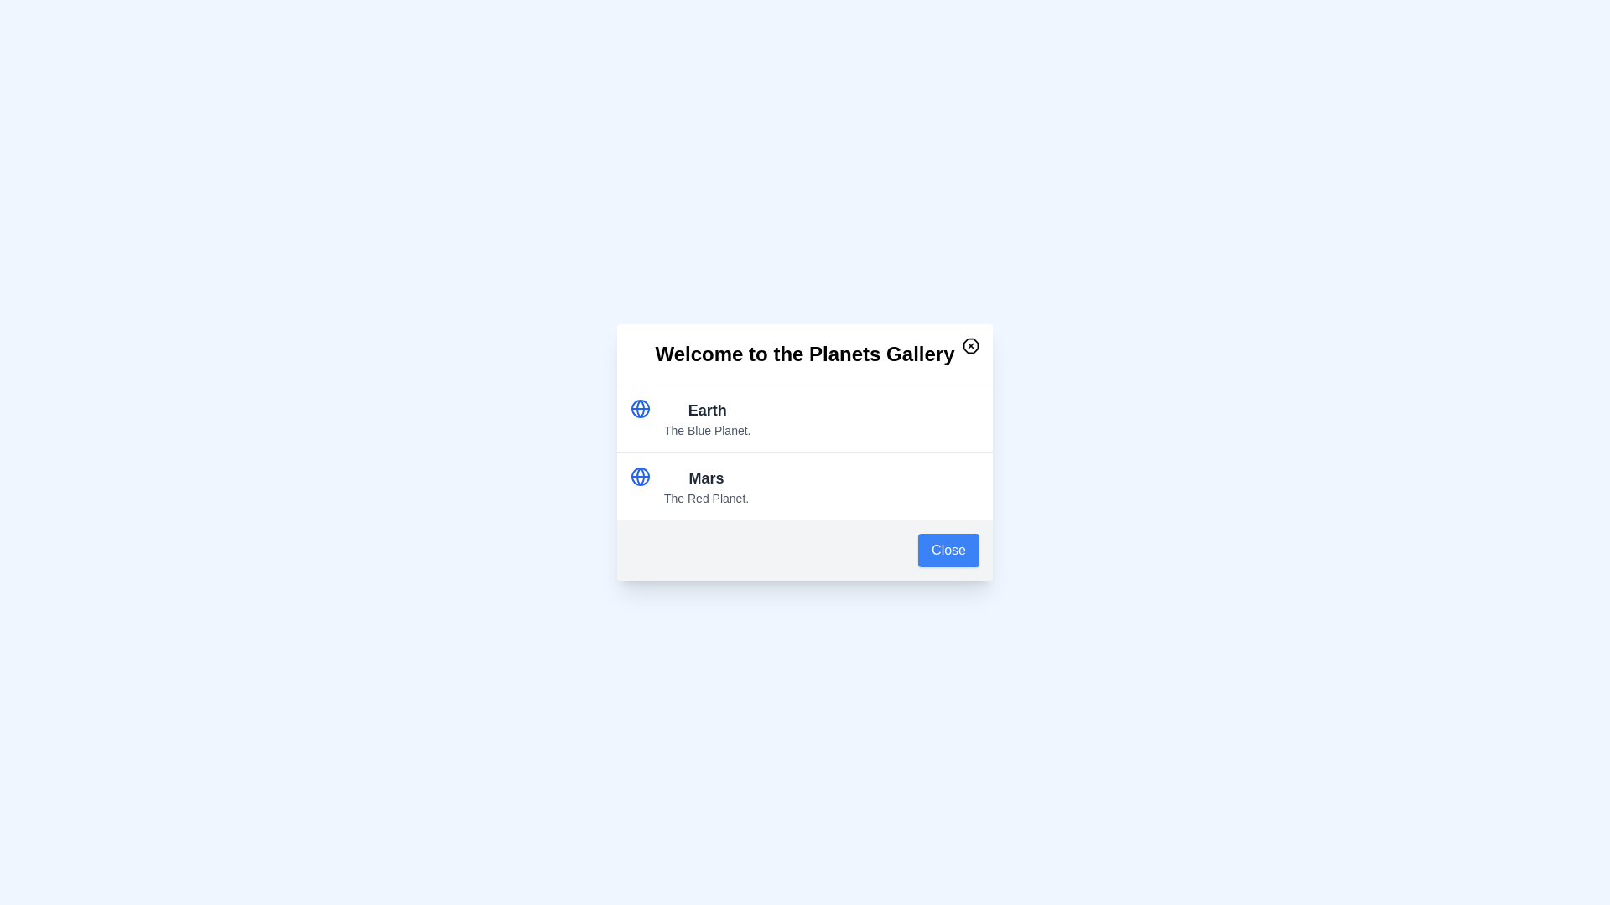 This screenshot has width=1610, height=905. Describe the element at coordinates (948, 550) in the screenshot. I see `the 'Close' button at the bottom of the modal dialog` at that location.